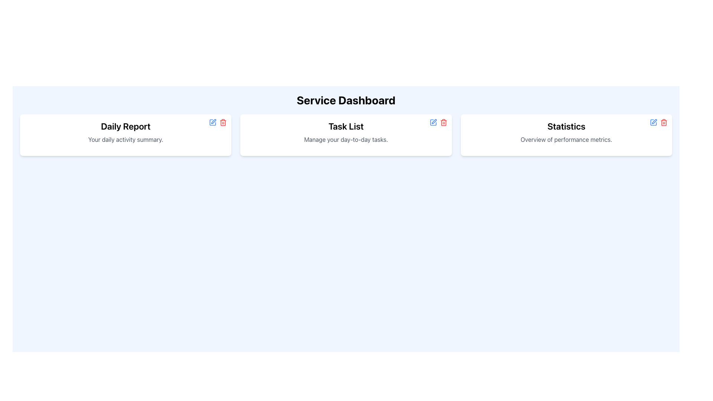 The height and width of the screenshot is (401, 713). Describe the element at coordinates (212, 122) in the screenshot. I see `the edit icon button in the top-right corner of the 'Daily Report' card` at that location.